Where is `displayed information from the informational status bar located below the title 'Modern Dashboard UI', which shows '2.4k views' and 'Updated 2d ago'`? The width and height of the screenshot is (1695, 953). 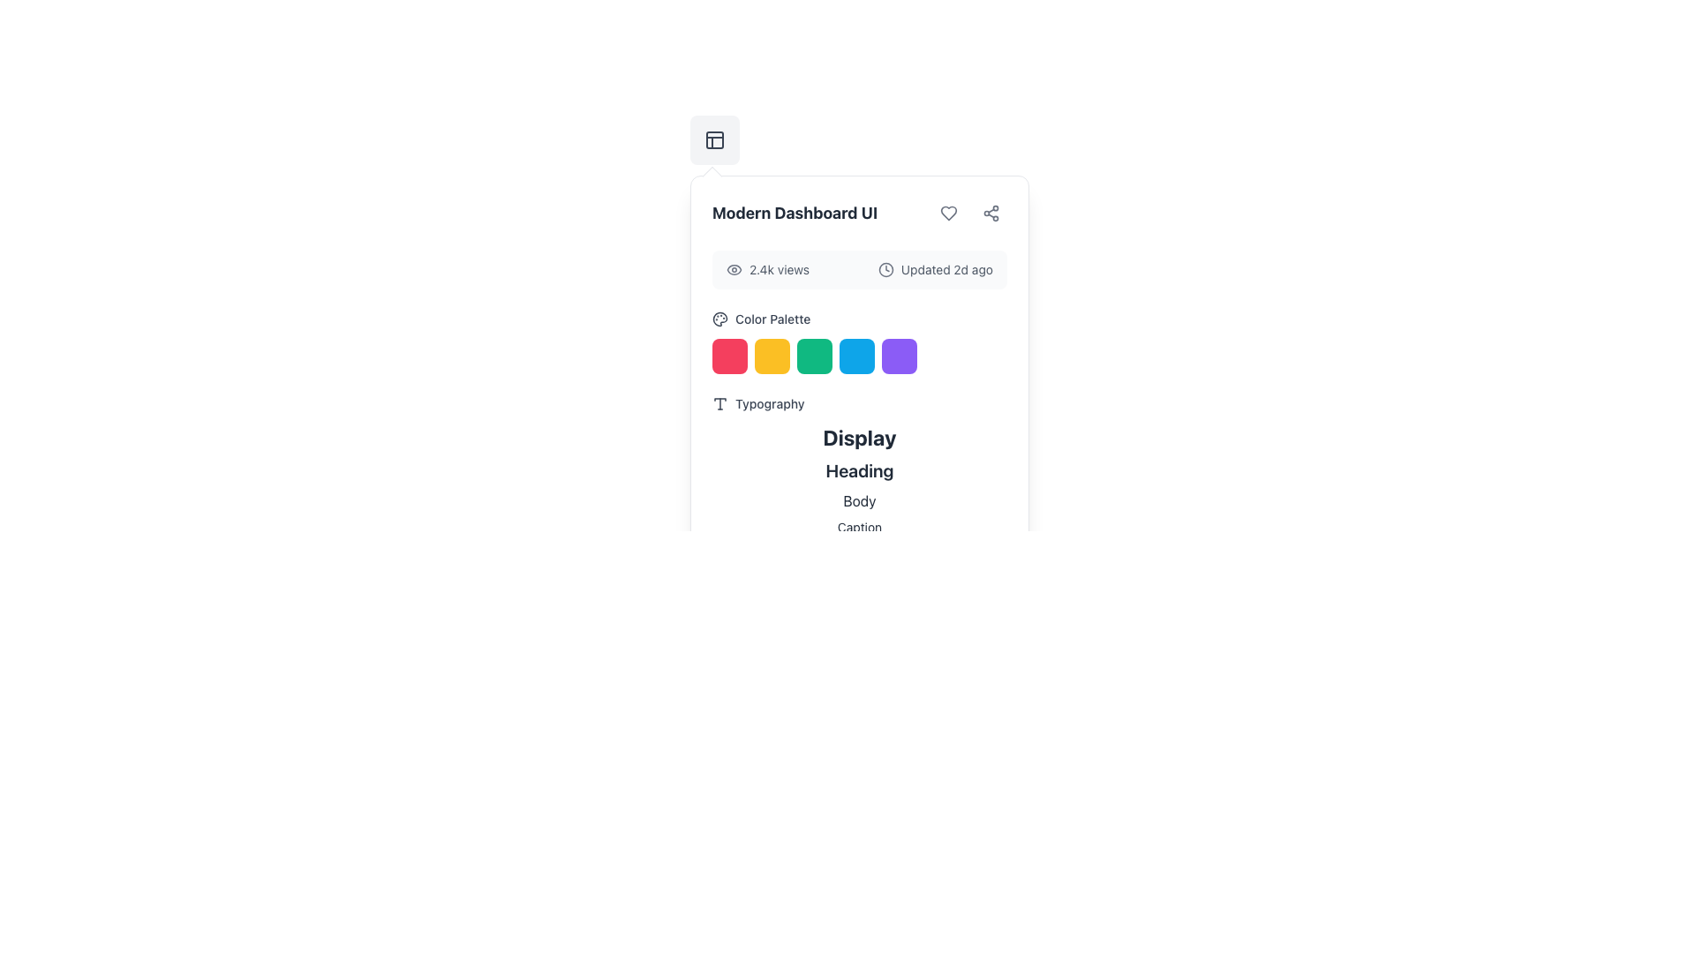
displayed information from the informational status bar located below the title 'Modern Dashboard UI', which shows '2.4k views' and 'Updated 2d ago' is located at coordinates (860, 269).